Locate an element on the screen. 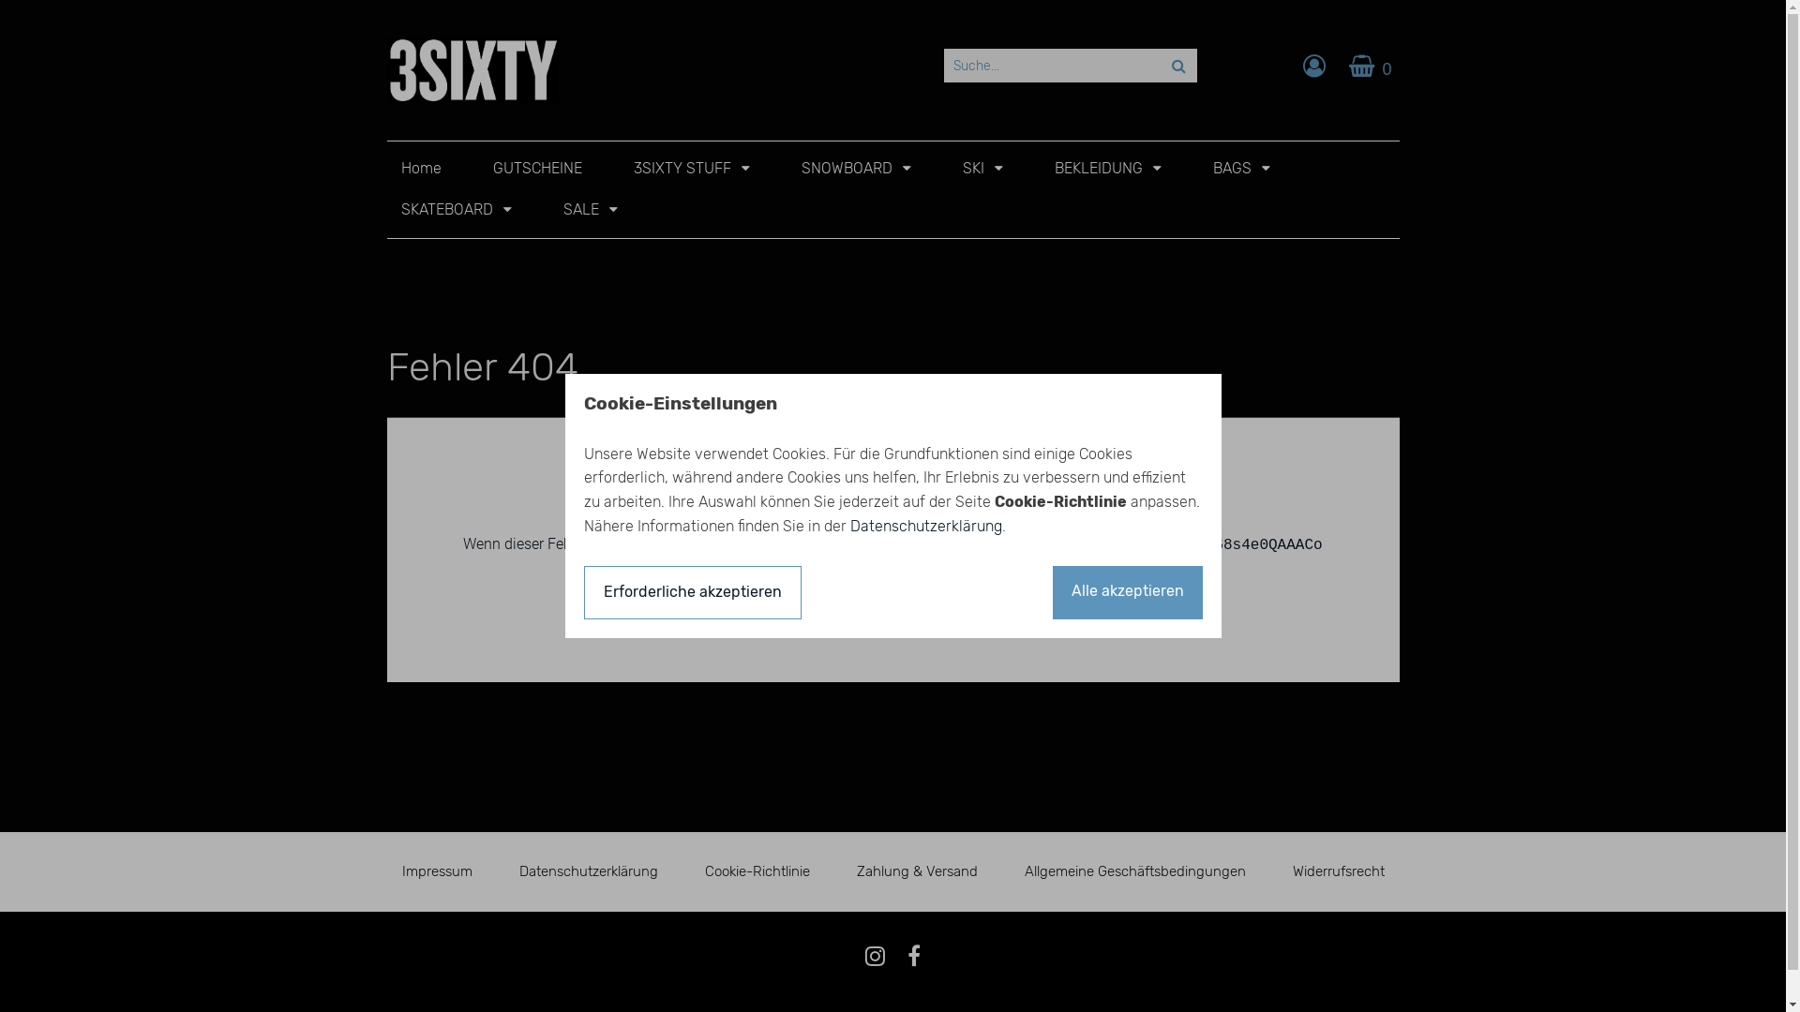 This screenshot has height=1012, width=1800. 'Zahlung & Versand' is located at coordinates (917, 871).